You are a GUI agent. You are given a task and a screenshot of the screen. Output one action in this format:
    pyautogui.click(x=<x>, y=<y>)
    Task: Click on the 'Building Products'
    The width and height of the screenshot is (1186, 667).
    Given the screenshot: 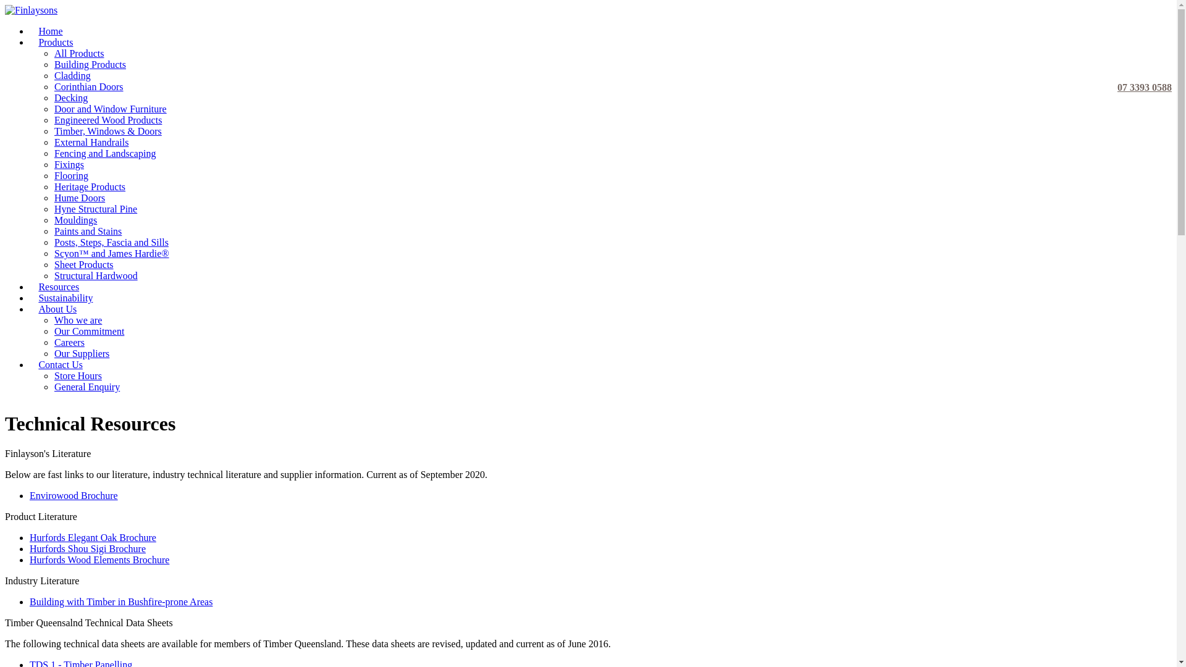 What is the action you would take?
    pyautogui.click(x=89, y=64)
    